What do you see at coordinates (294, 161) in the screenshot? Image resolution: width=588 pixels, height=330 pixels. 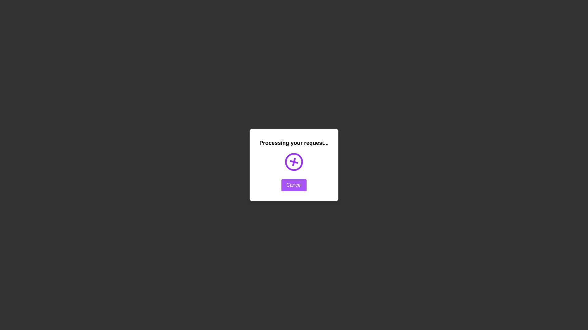 I see `the interactive graphical indicator located in the modal titled 'Processing your request...', positioned above the purple 'Cancel' button` at bounding box center [294, 161].